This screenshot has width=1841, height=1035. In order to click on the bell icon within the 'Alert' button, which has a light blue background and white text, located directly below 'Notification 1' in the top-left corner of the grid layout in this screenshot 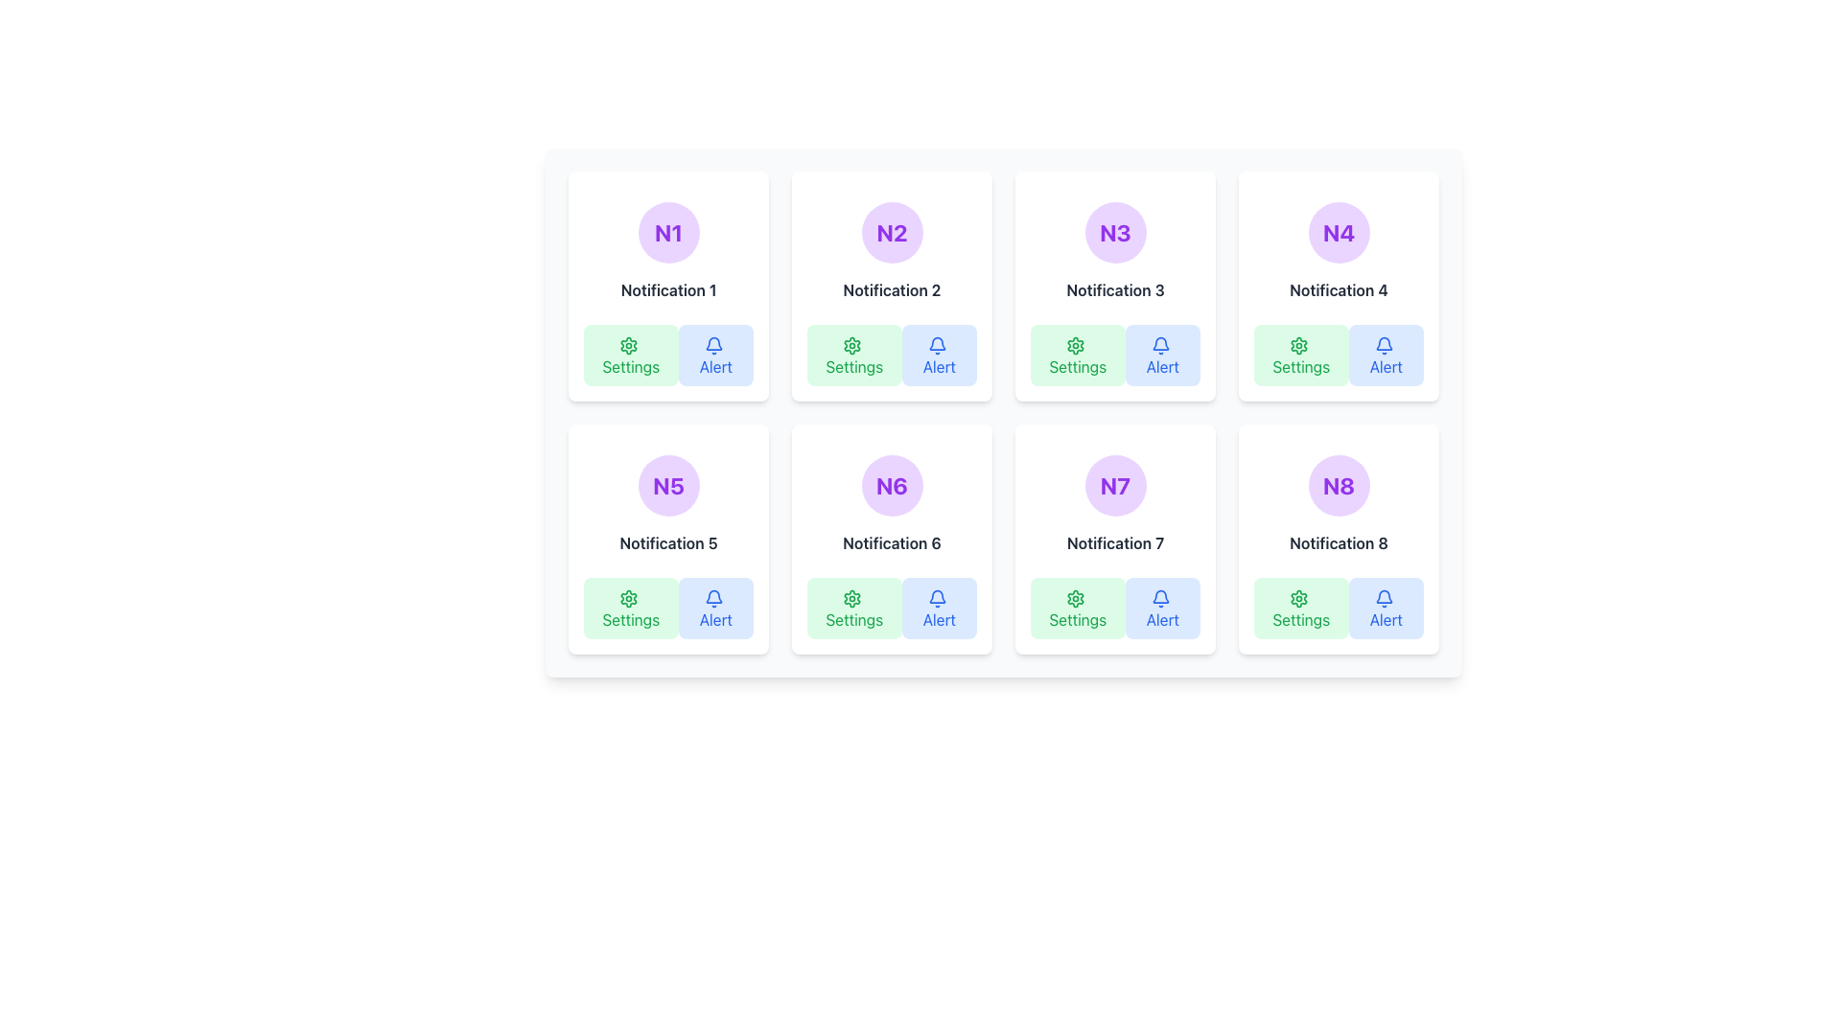, I will do `click(712, 345)`.